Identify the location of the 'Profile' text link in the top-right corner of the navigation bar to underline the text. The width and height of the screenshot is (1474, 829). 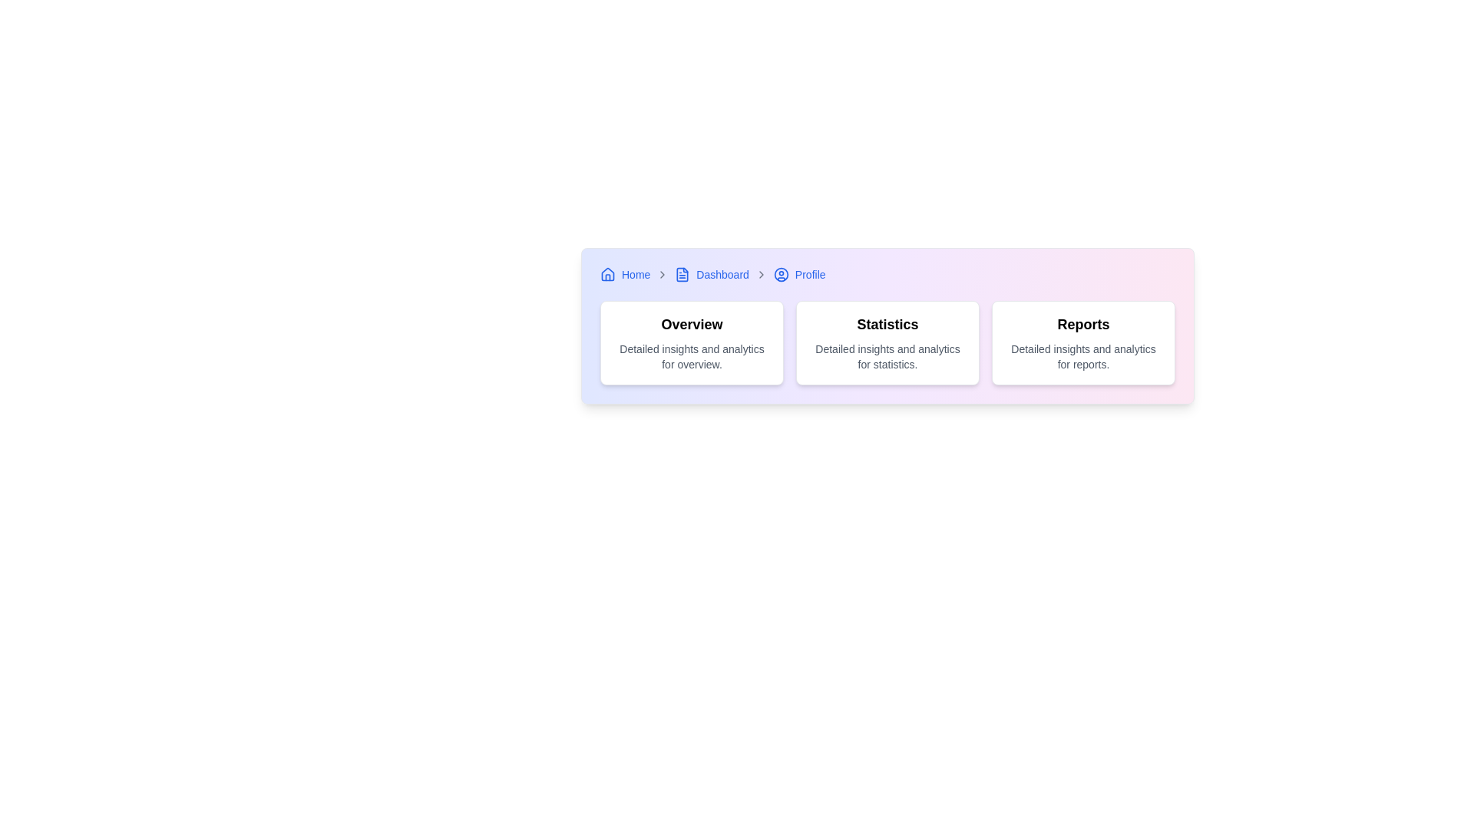
(809, 274).